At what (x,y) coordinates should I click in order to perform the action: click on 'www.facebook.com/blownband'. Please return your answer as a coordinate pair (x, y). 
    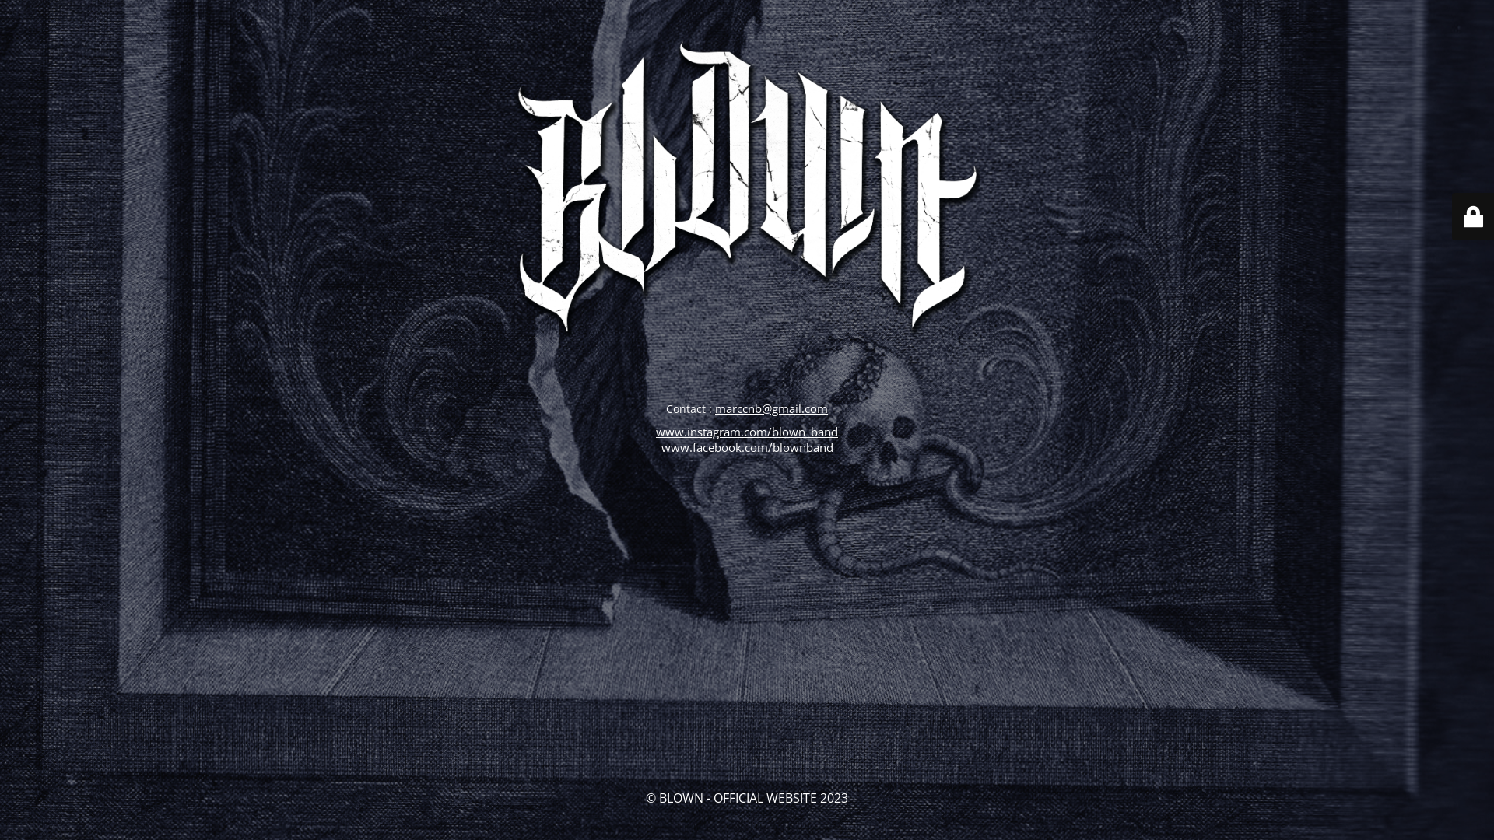
    Looking at the image, I should click on (747, 446).